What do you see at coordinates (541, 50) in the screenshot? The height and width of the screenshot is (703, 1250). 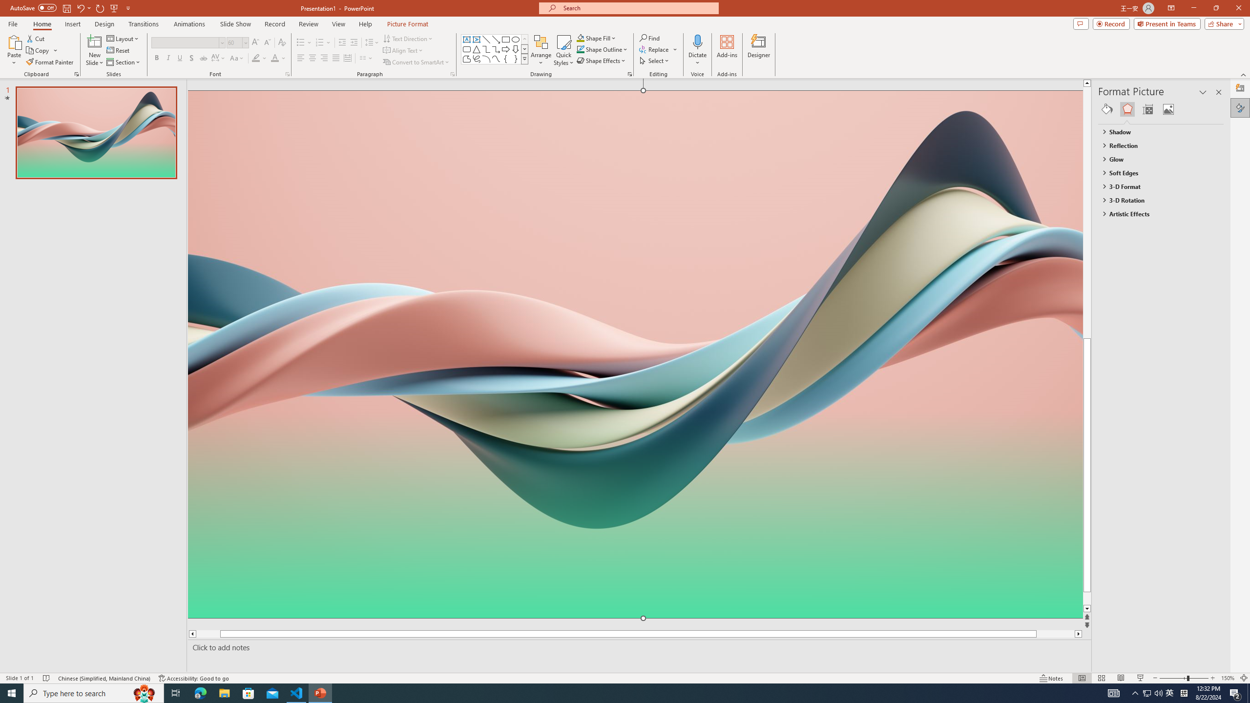 I see `'Arrange'` at bounding box center [541, 50].